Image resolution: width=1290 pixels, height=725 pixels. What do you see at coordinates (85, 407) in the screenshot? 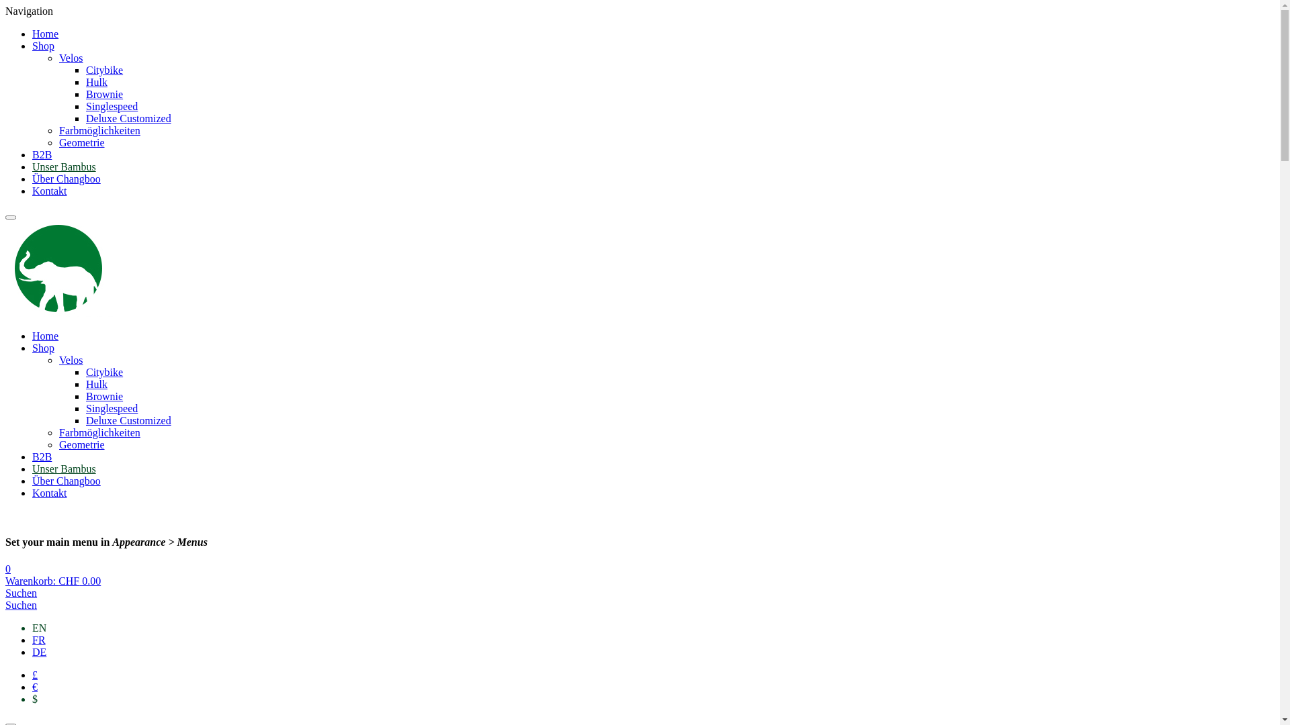
I see `'Singlespeed'` at bounding box center [85, 407].